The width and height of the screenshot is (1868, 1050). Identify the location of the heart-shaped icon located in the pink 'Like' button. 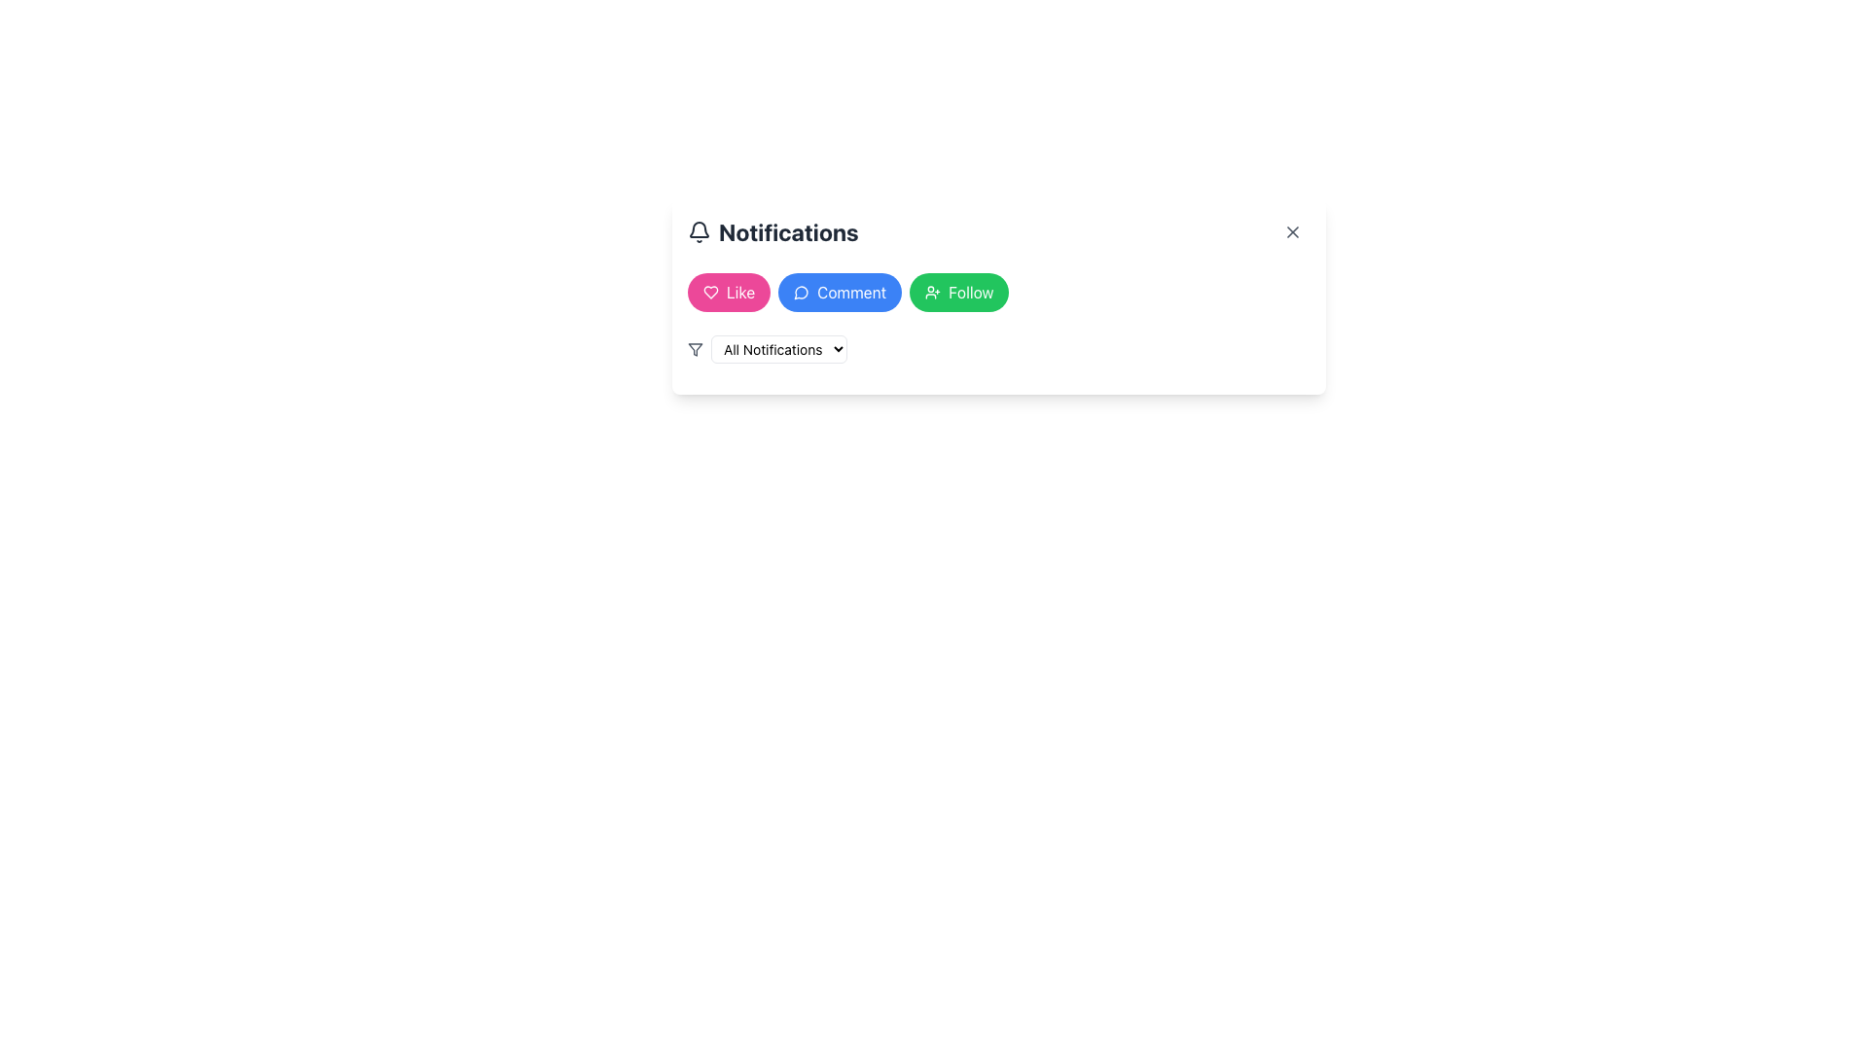
(709, 292).